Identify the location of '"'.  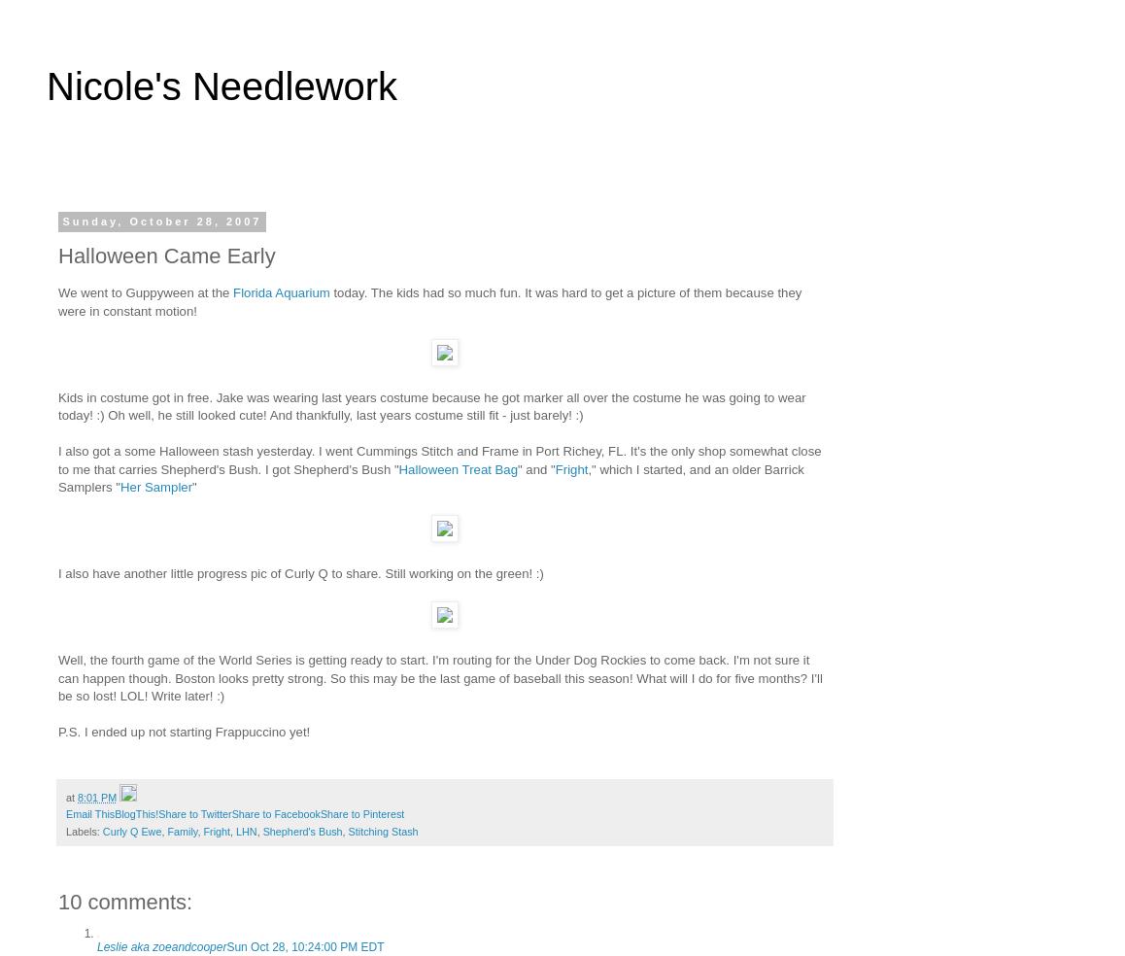
(193, 486).